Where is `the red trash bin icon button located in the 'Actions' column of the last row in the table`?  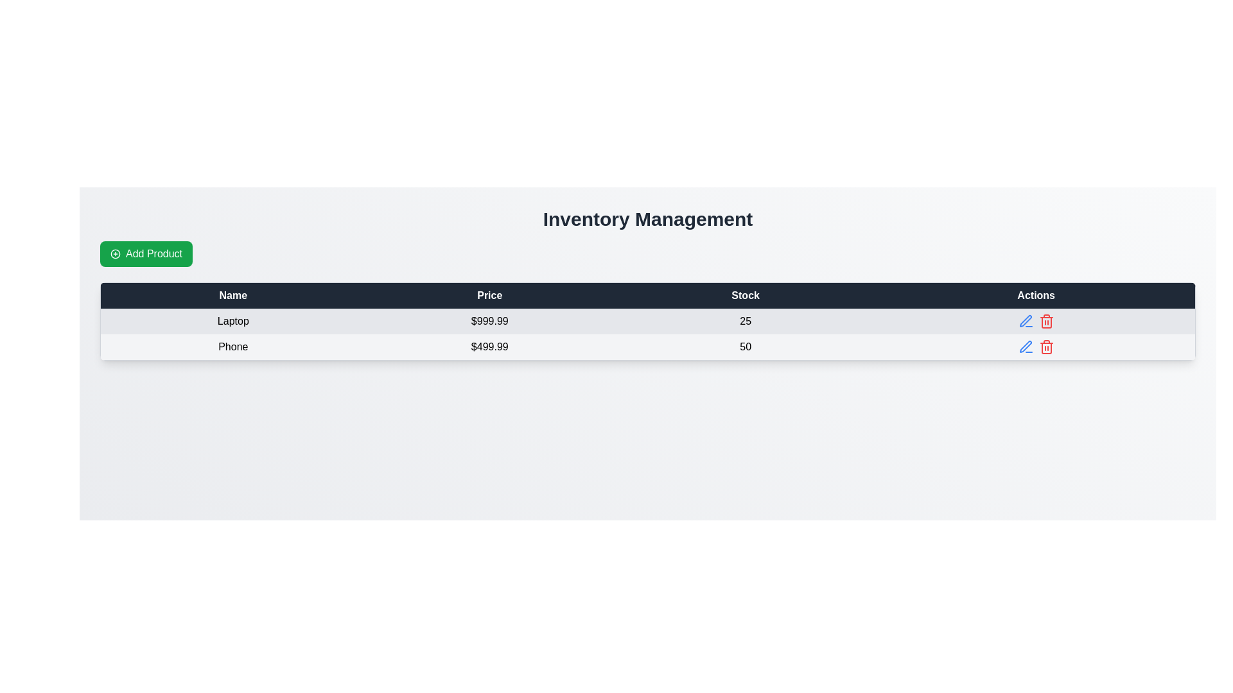 the red trash bin icon button located in the 'Actions' column of the last row in the table is located at coordinates (1046, 346).